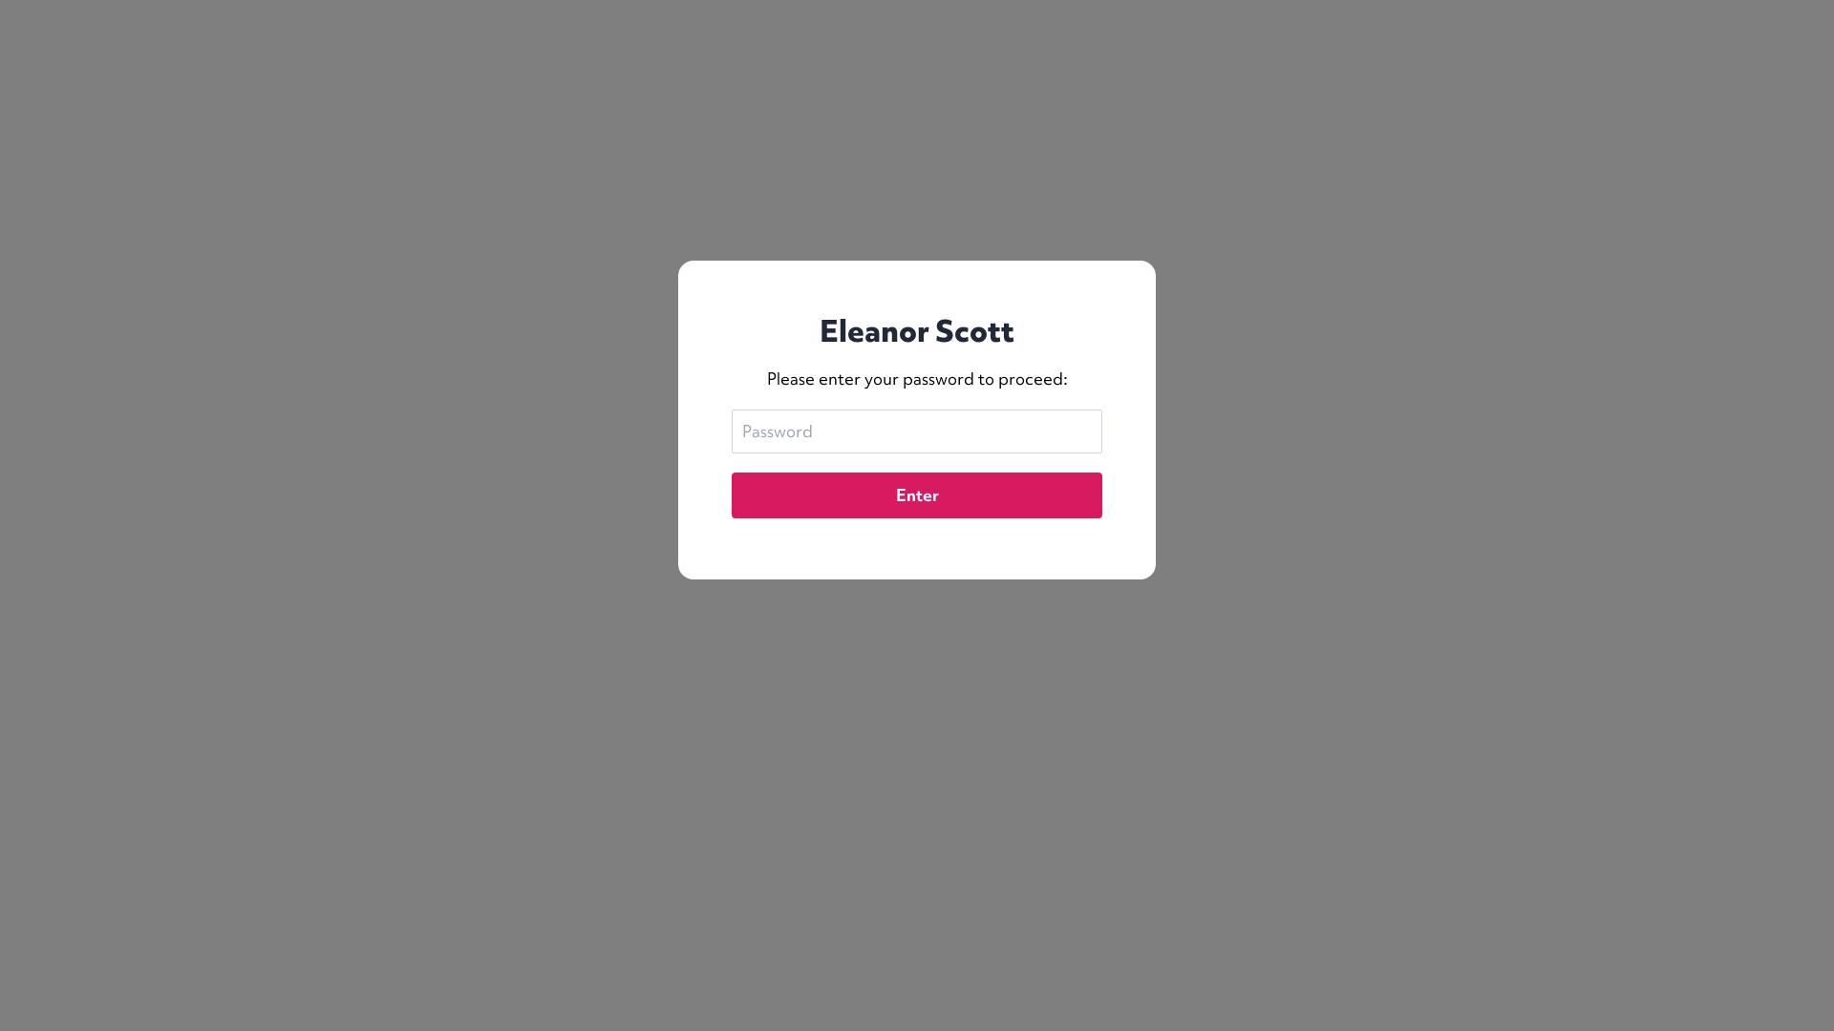 This screenshot has width=1834, height=1031. What do you see at coordinates (917, 494) in the screenshot?
I see `'Enter'` at bounding box center [917, 494].